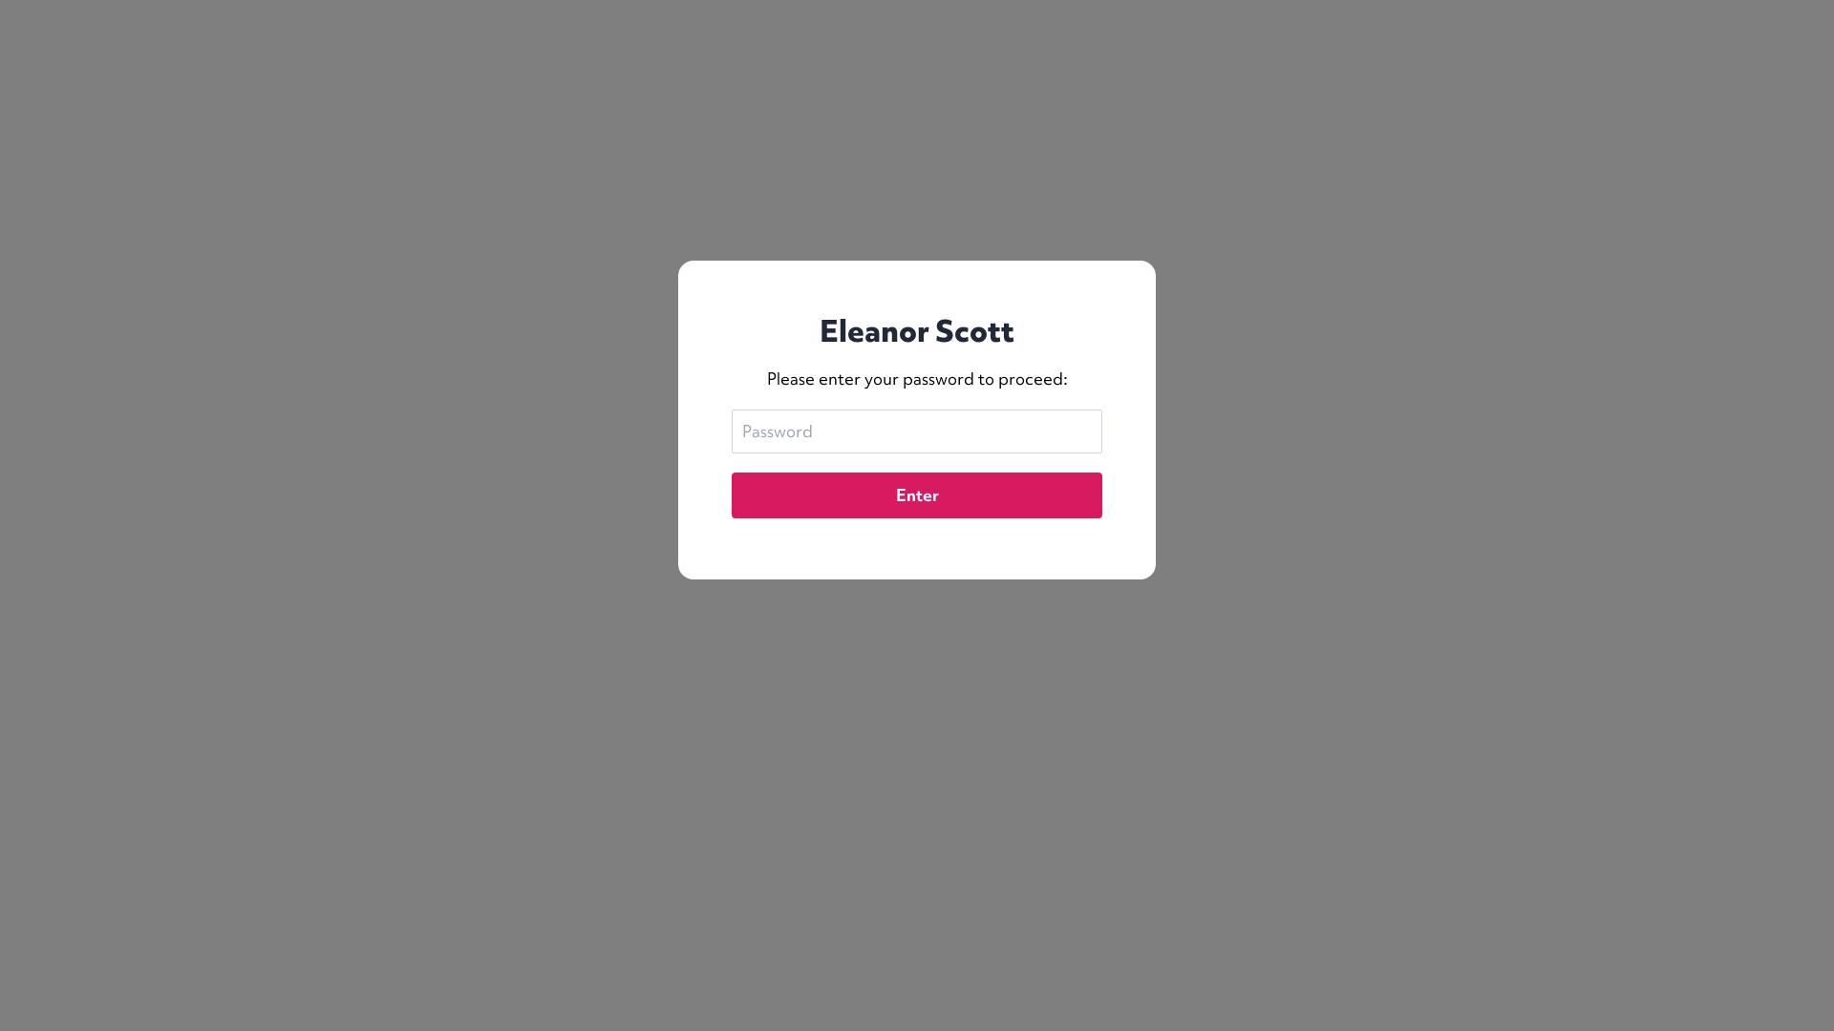 This screenshot has width=1834, height=1031. What do you see at coordinates (917, 494) in the screenshot?
I see `'Enter'` at bounding box center [917, 494].